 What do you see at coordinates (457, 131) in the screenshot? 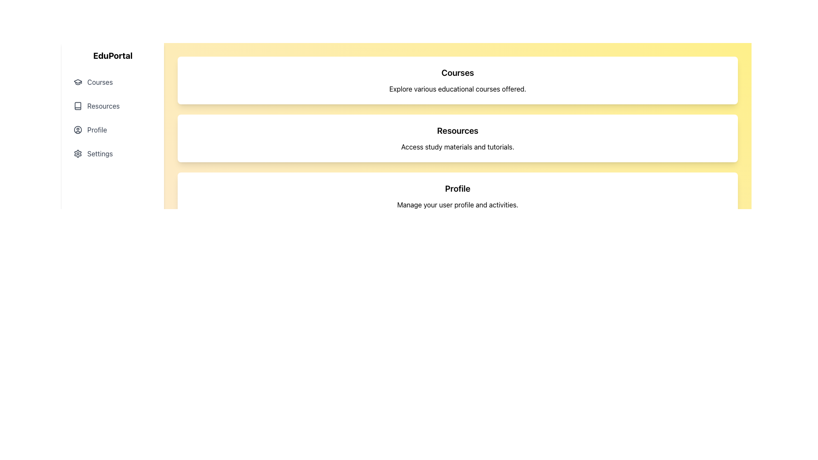
I see `the Text Label that serves as a heading for the resources section, located above the line 'Access study materials and tutorials.'` at bounding box center [457, 131].